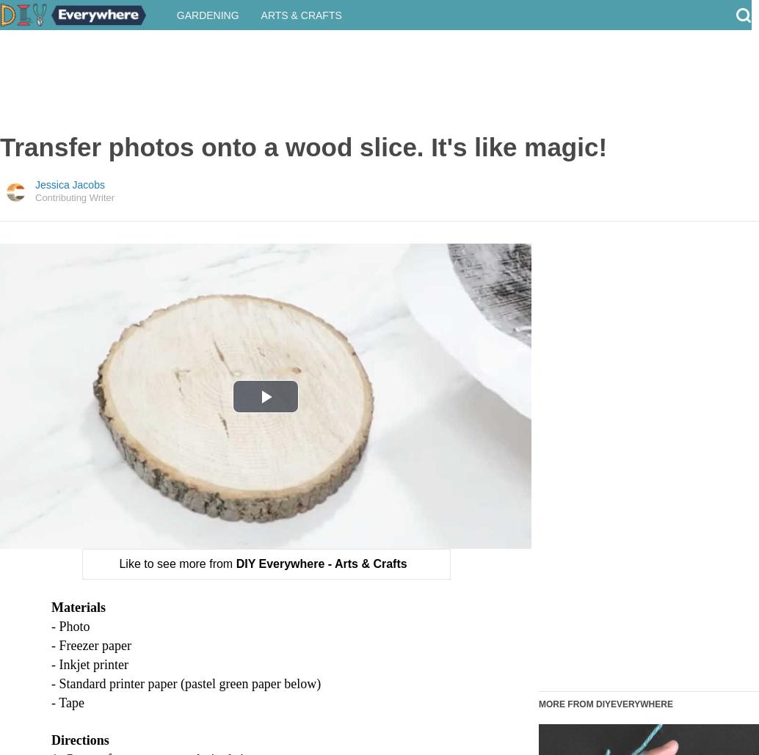 The image size is (759, 755). What do you see at coordinates (320, 577) in the screenshot?
I see `'DIY Everywhere - Arts & Crafts'` at bounding box center [320, 577].